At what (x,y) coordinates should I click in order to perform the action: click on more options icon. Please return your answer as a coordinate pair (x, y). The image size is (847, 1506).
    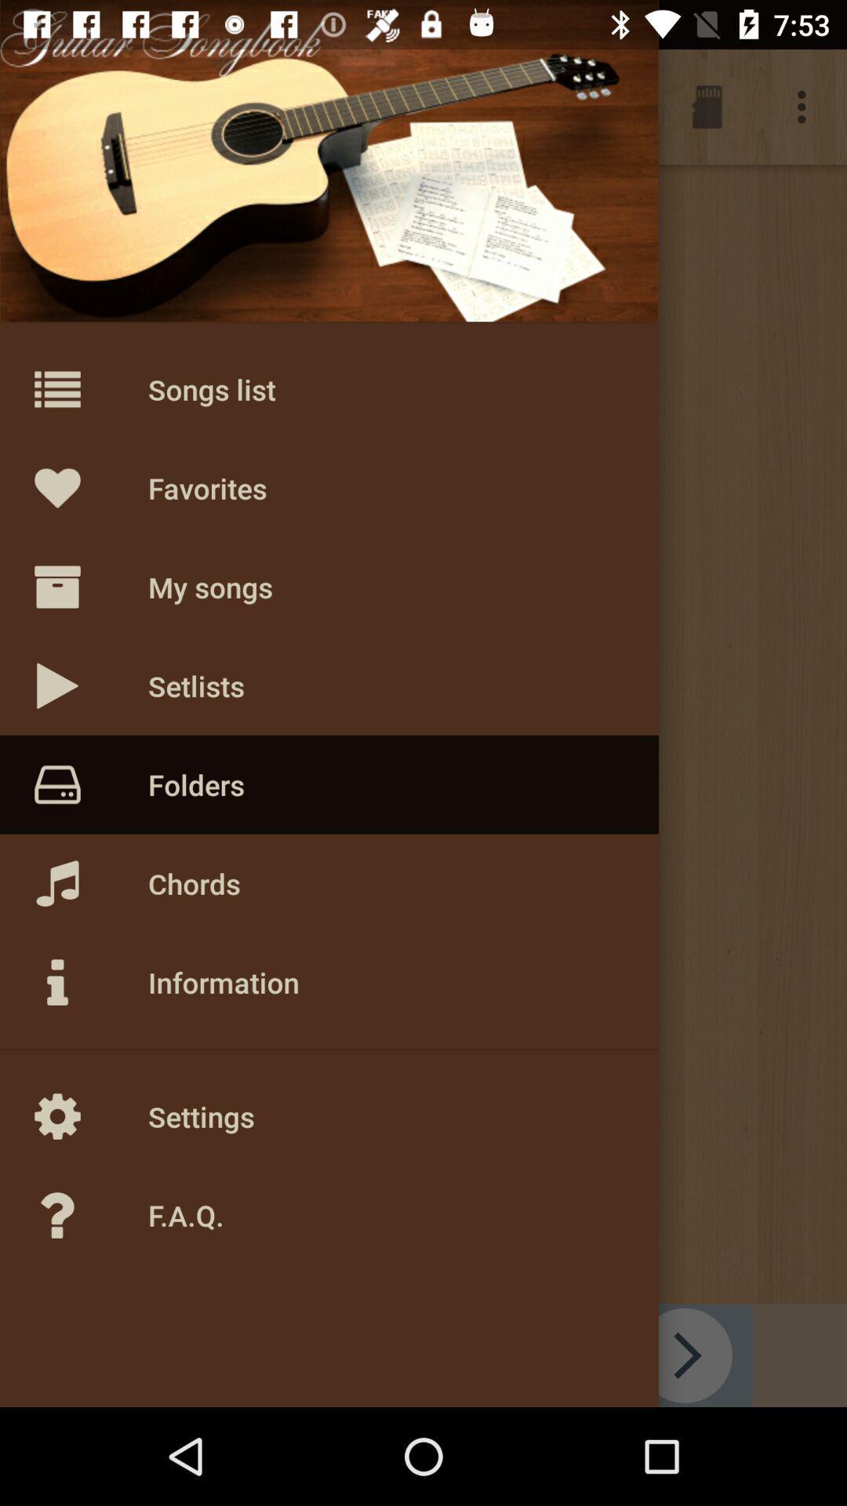
    Looking at the image, I should click on (805, 107).